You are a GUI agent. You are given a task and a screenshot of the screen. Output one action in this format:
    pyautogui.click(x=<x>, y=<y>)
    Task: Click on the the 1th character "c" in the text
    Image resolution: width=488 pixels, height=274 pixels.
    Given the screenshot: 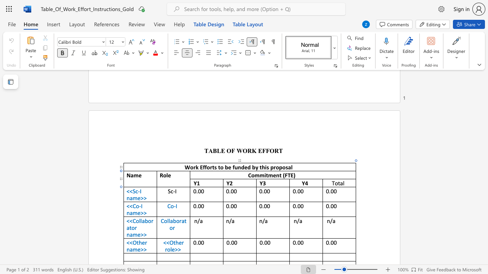 What is the action you would take?
    pyautogui.click(x=136, y=191)
    